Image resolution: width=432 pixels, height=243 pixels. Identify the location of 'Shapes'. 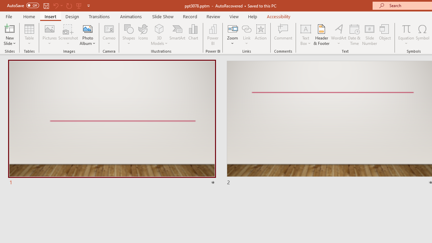
(129, 35).